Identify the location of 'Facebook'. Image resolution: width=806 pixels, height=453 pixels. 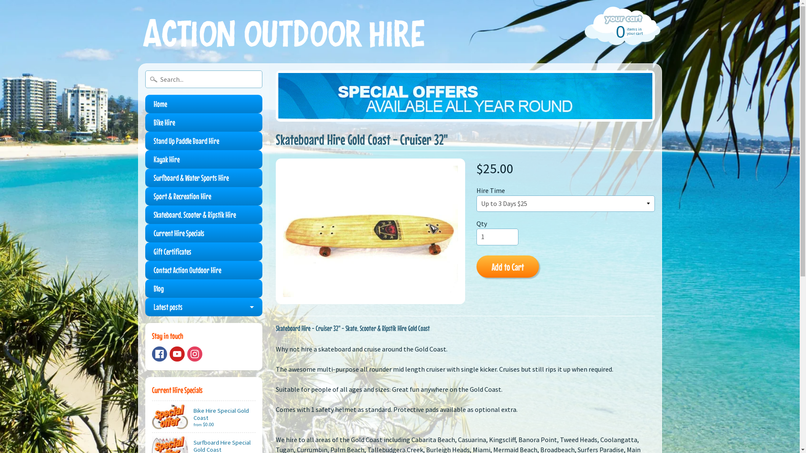
(159, 354).